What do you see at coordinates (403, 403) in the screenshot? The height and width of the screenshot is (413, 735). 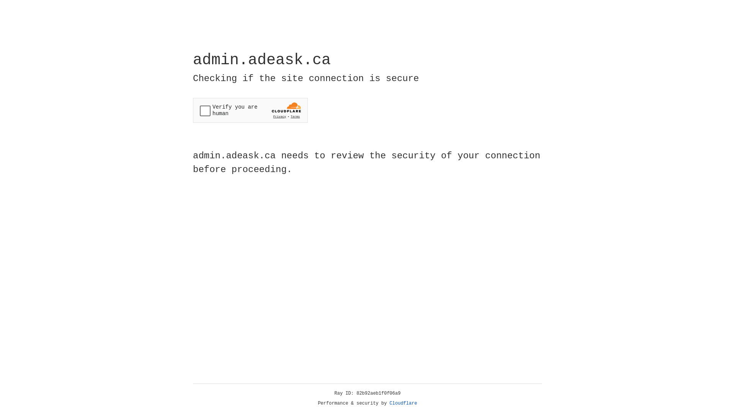 I see `'Cloudflare'` at bounding box center [403, 403].